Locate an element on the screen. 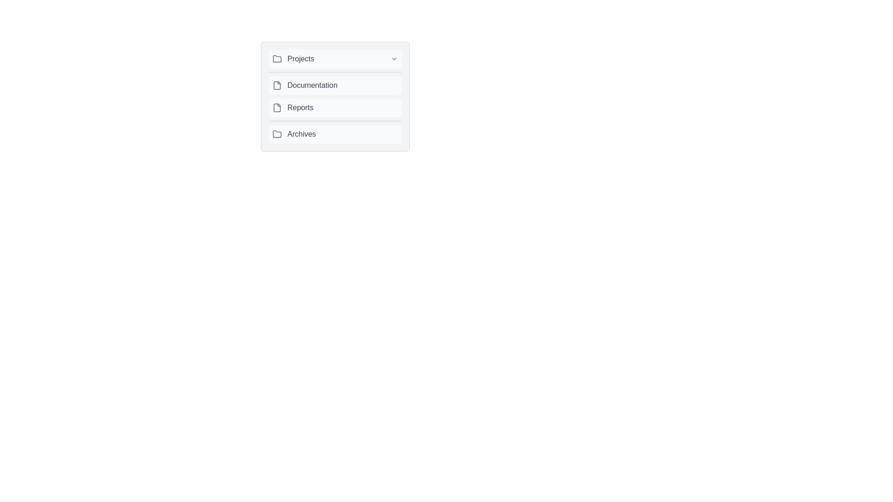  text from the 'Documentation' text label, which is styled with medium-weight font and gray color, located between 'Projects' and 'Reports' in the vertical menu list is located at coordinates (312, 86).